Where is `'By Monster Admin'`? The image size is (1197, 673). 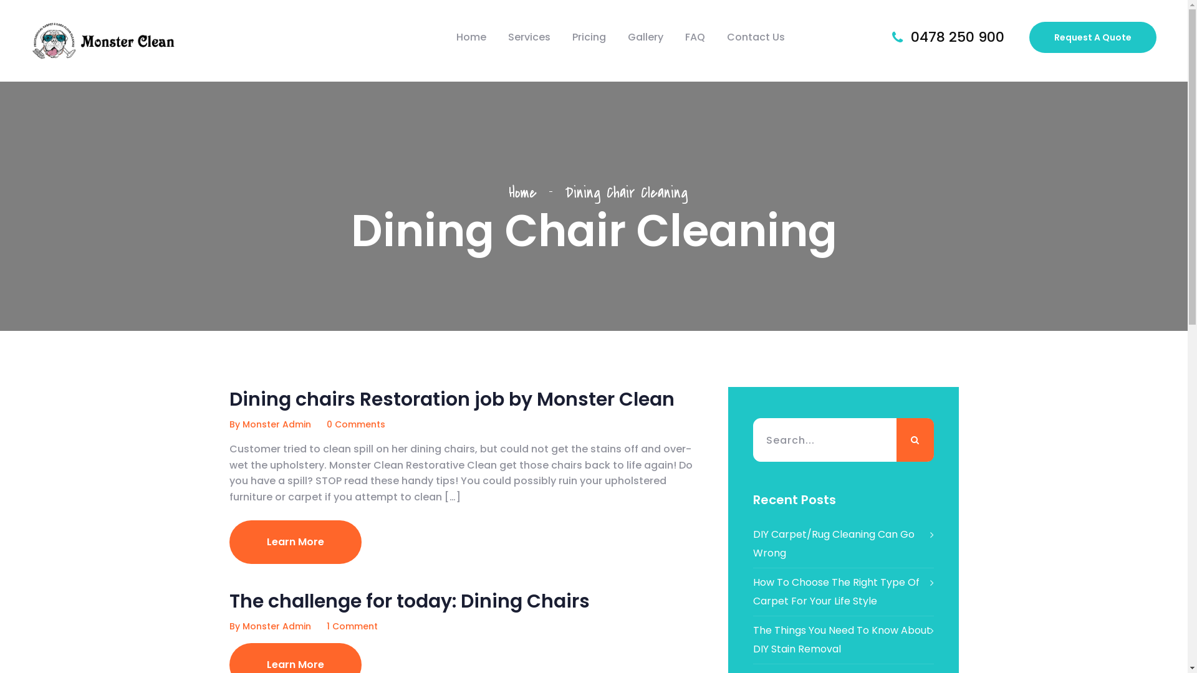
'By Monster Admin' is located at coordinates (269, 626).